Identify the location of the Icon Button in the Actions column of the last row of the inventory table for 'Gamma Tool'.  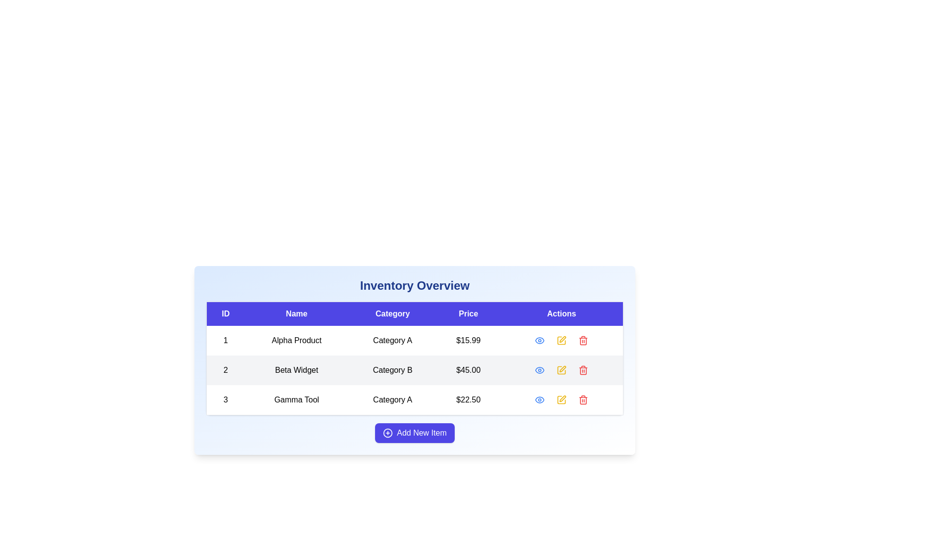
(539, 400).